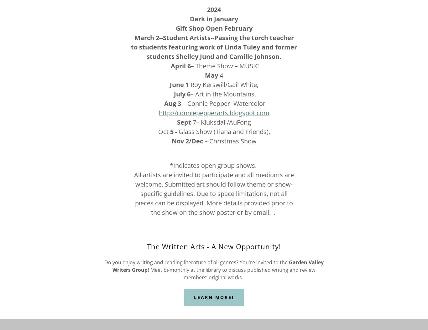 This screenshot has height=330, width=428. What do you see at coordinates (112, 266) in the screenshot?
I see `'Garden Valley Writers Group!'` at bounding box center [112, 266].